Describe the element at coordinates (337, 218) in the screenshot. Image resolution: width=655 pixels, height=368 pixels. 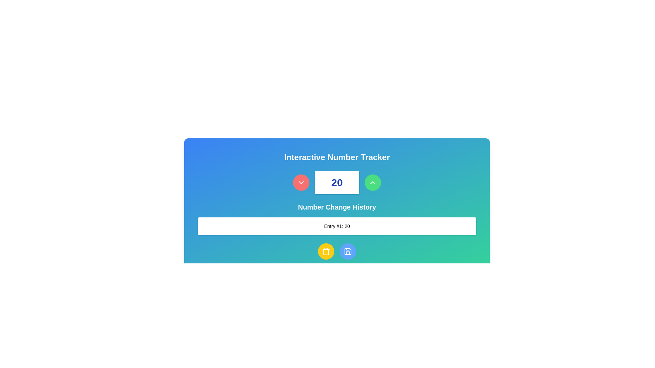
I see `the text block displaying 'Entry #1: 20' which is styled with a white background and located below the 'Number Change History' title` at that location.